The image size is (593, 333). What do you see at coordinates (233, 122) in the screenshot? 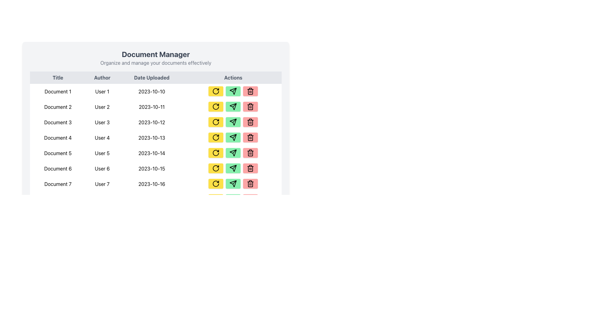
I see `the green rectangular button with rounded corners, featuring a paper airplane icon, located in the 'Actions' column next to 'Document 3'` at bounding box center [233, 122].